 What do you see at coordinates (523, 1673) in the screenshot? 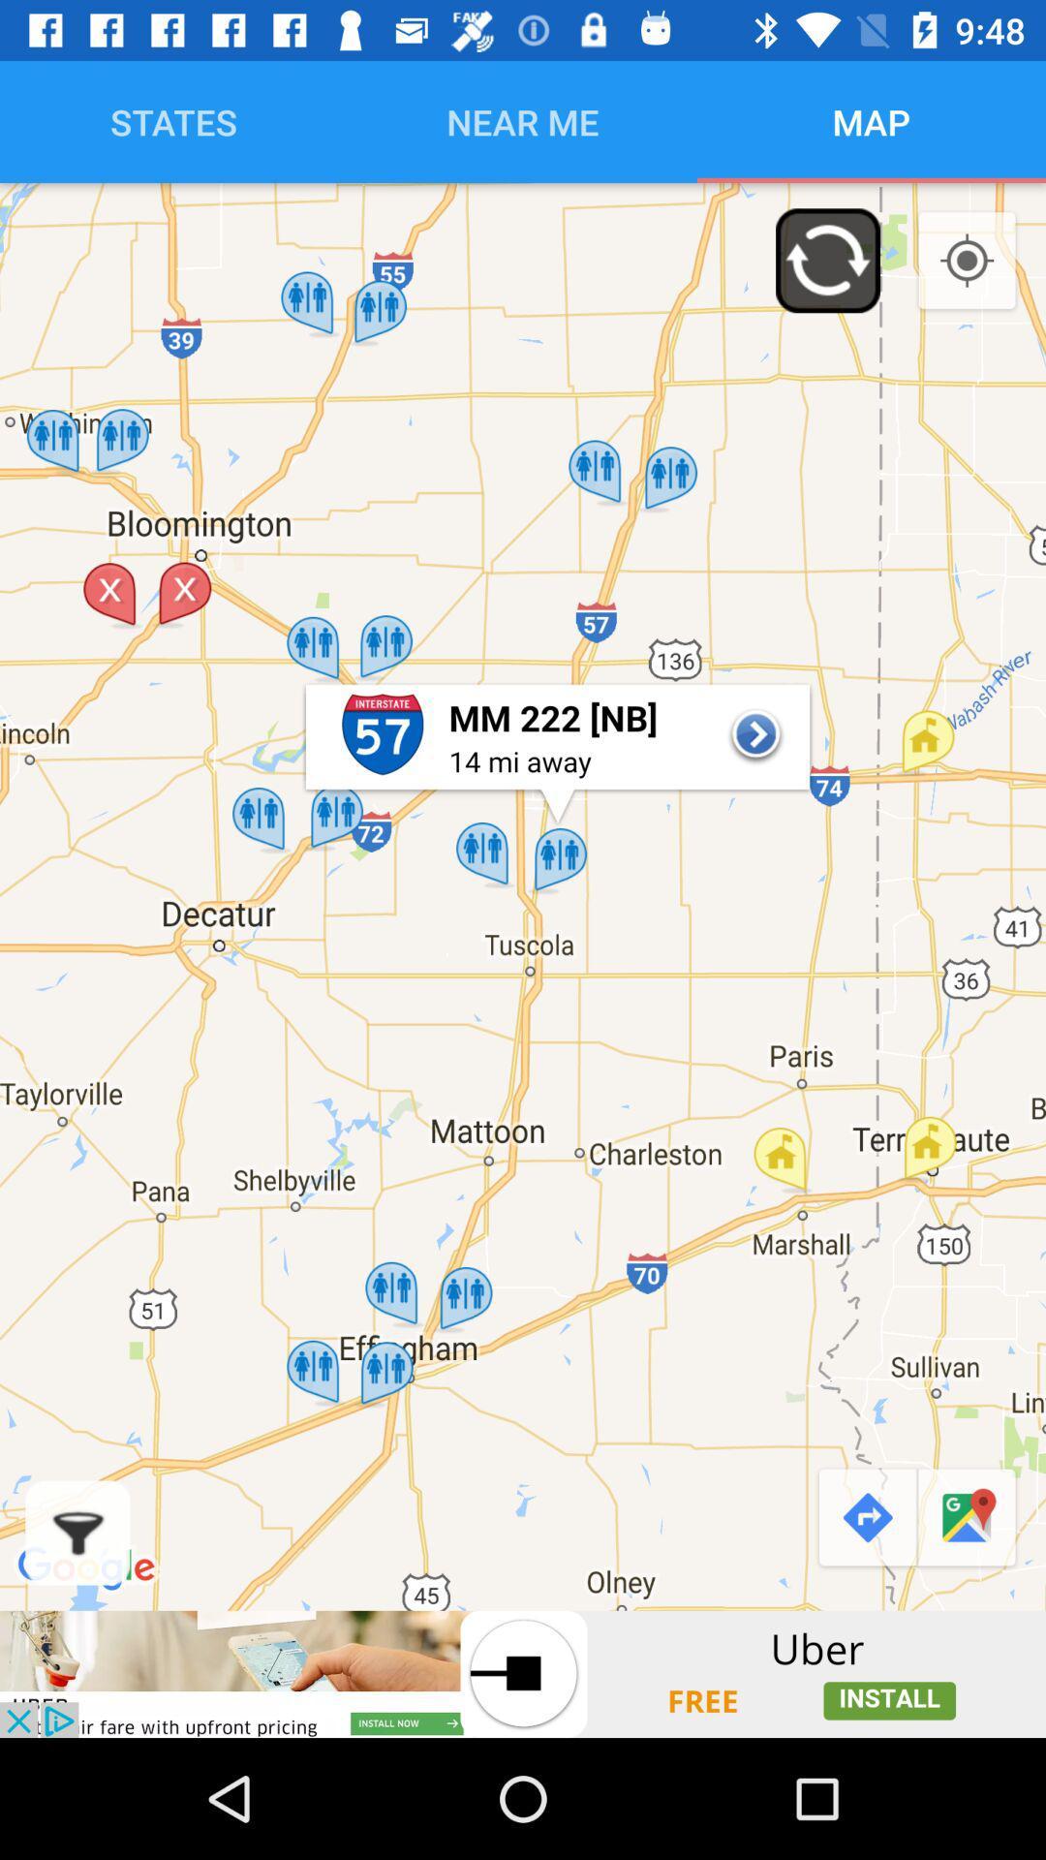
I see `link to an advertiser app` at bounding box center [523, 1673].